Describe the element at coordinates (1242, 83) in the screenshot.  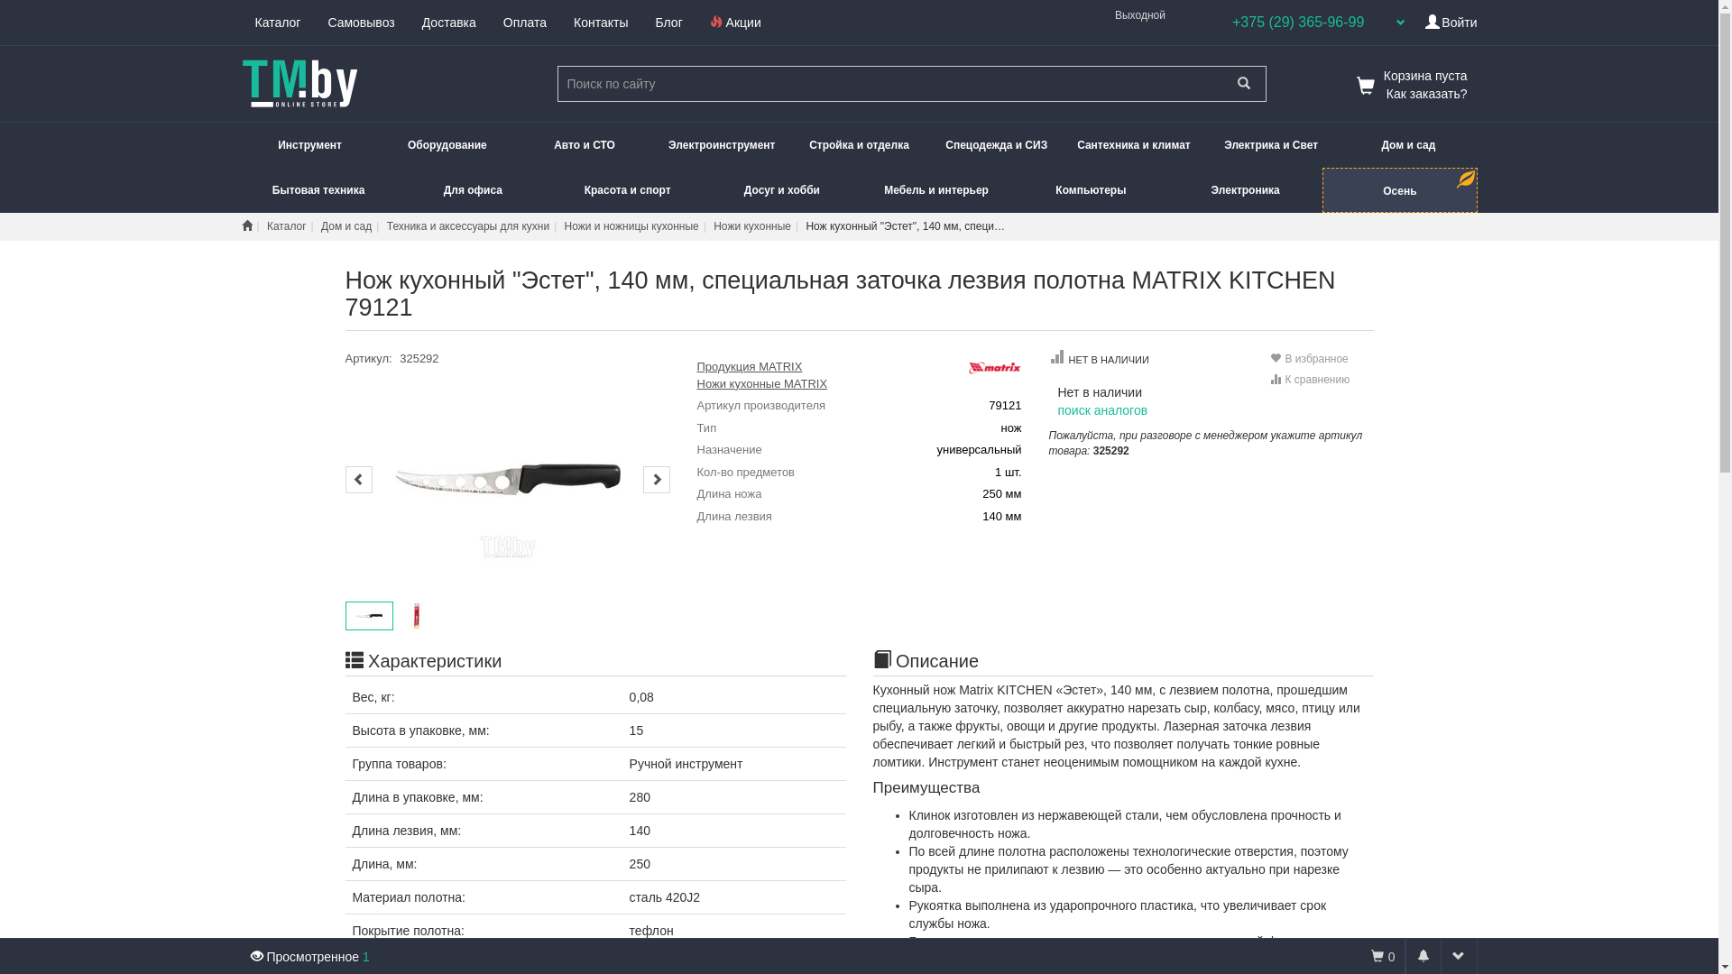
I see `'<span class="glyphicon glyphicon-search"></span>'` at that location.